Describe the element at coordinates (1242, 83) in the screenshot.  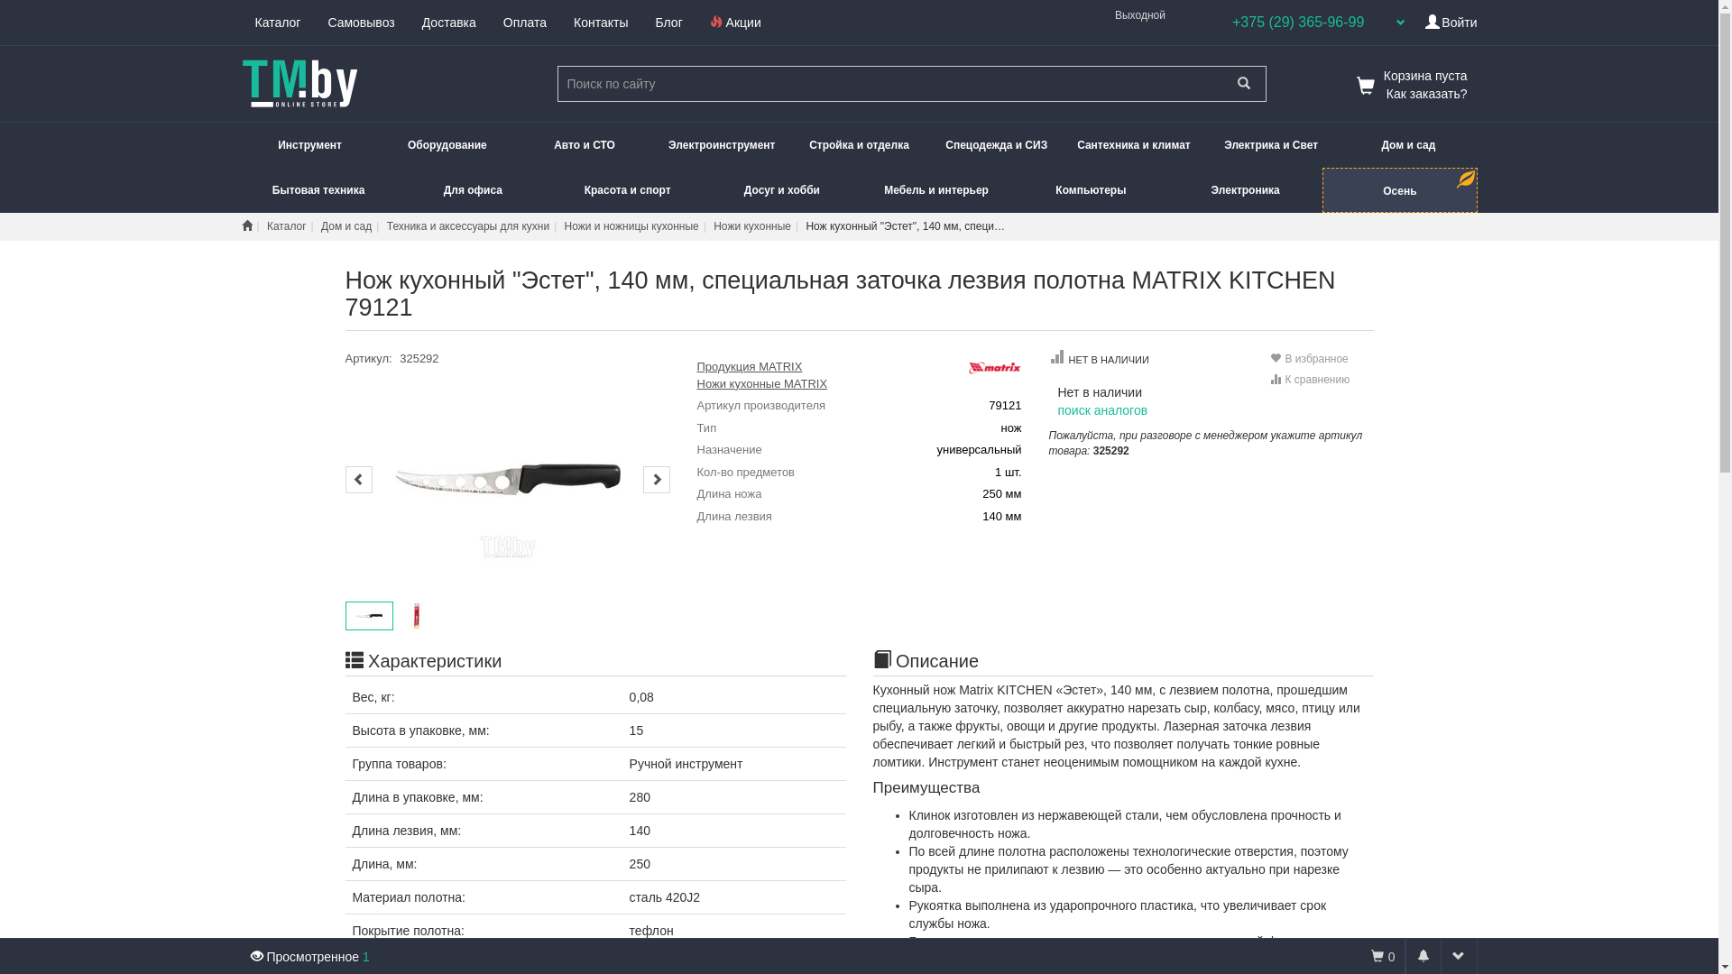
I see `'<span class="glyphicon glyphicon-search"></span>'` at that location.